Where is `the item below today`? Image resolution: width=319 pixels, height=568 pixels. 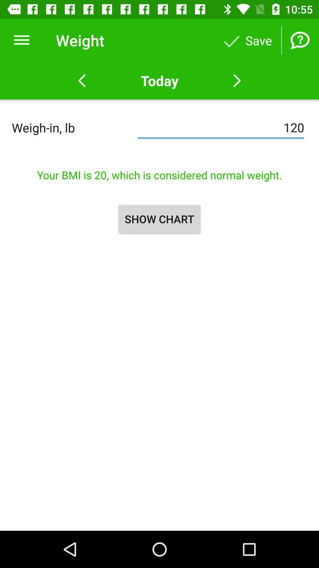
the item below today is located at coordinates (221, 127).